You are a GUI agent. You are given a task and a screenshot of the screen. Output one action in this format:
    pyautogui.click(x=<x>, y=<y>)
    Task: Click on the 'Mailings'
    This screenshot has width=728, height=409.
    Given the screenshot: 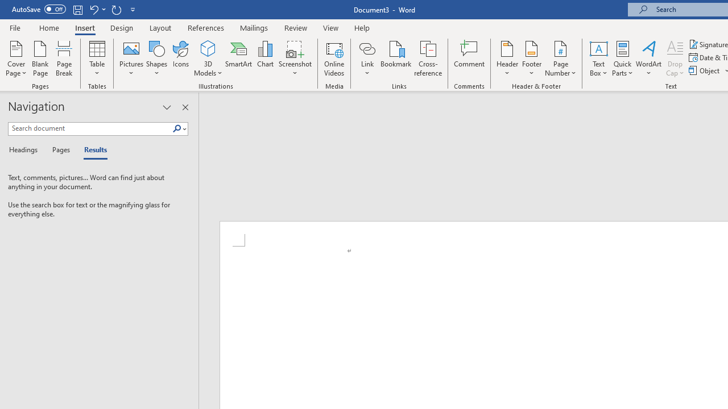 What is the action you would take?
    pyautogui.click(x=254, y=27)
    